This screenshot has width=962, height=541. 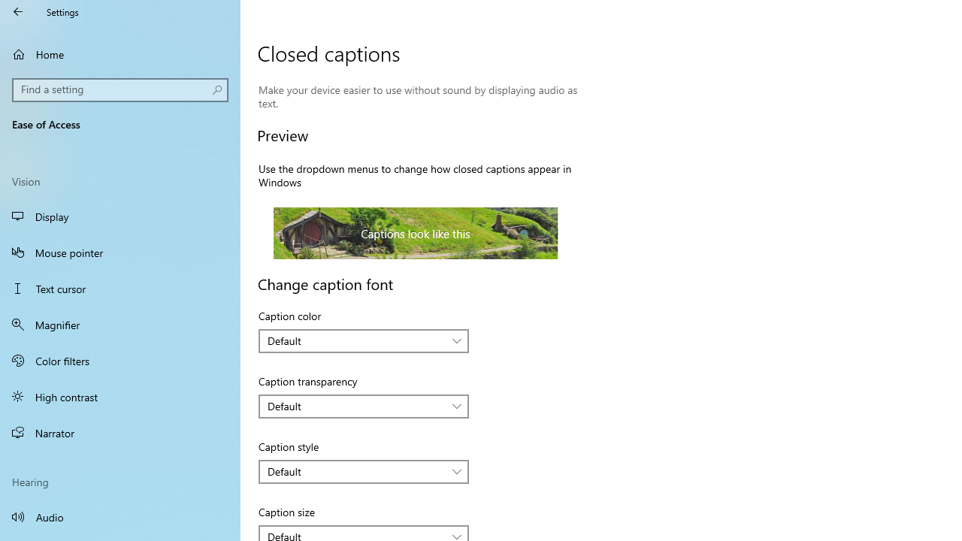 What do you see at coordinates (120, 289) in the screenshot?
I see `'Text cursor'` at bounding box center [120, 289].